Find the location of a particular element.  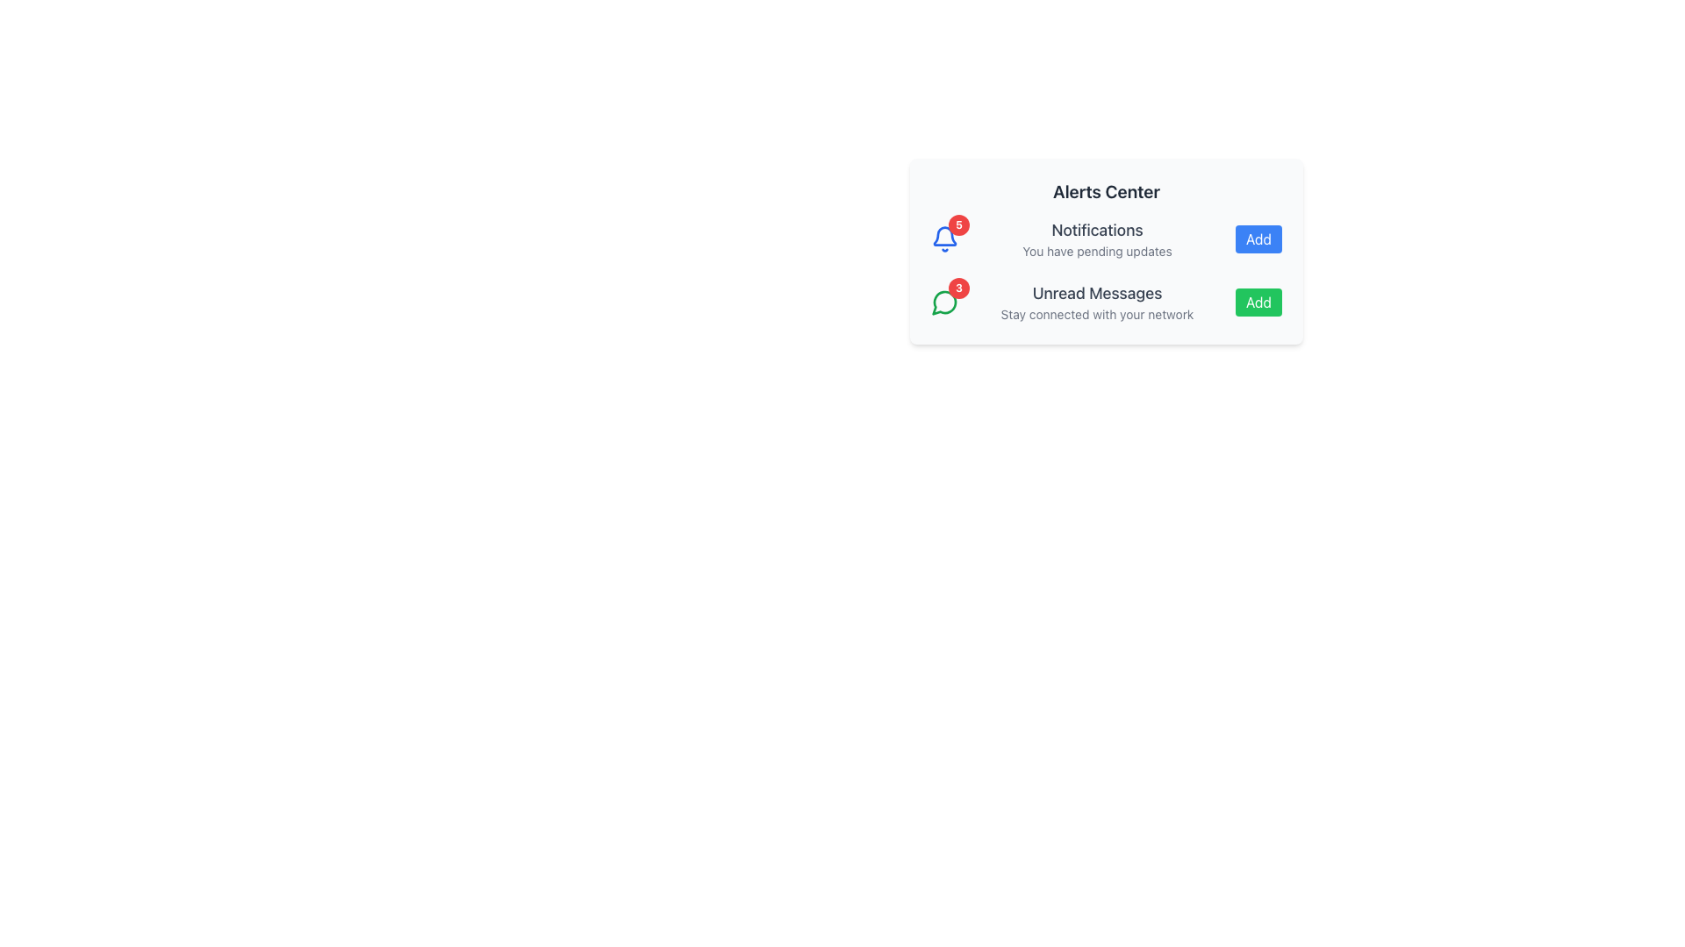

the 'Notifications' text label in the 'Alerts Center' card layout, which is styled in gray and positioned to the right of the bell icon is located at coordinates (1096, 229).